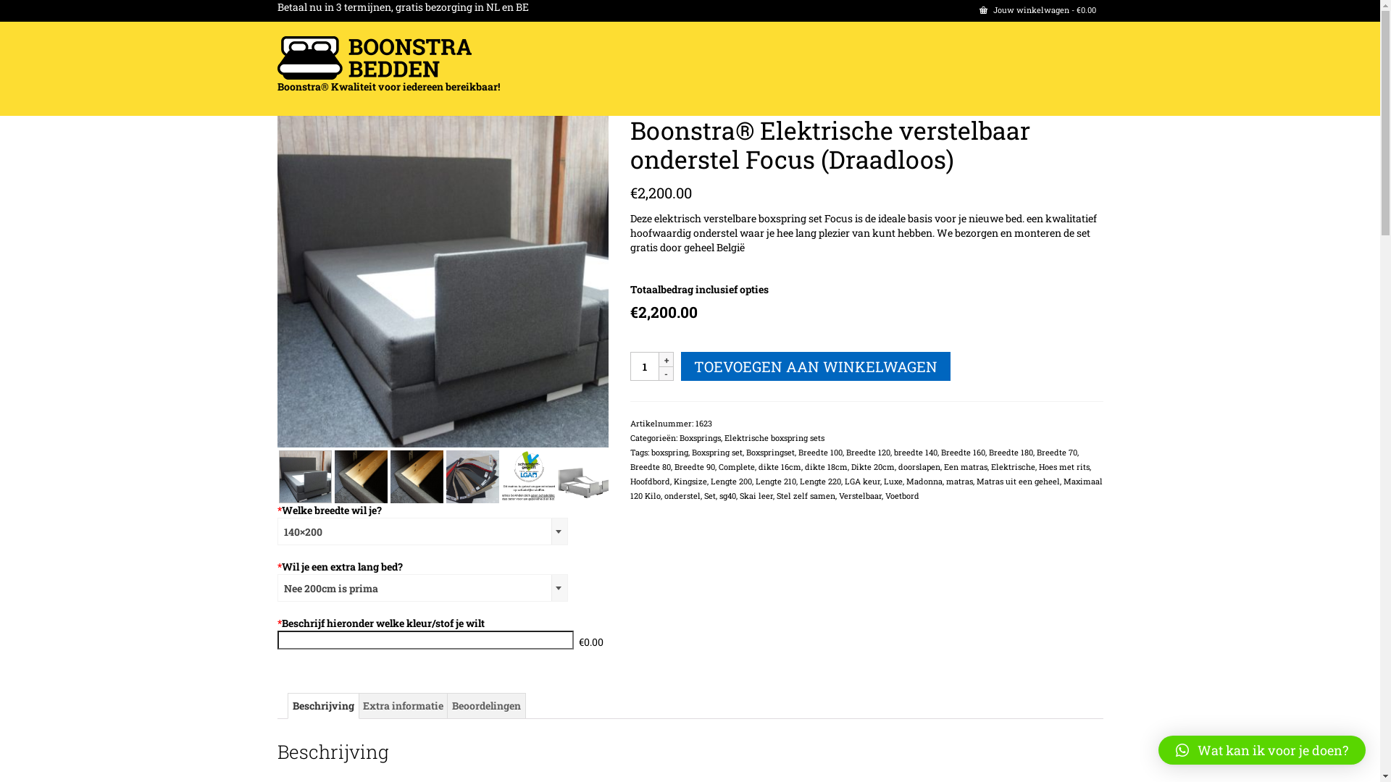 The width and height of the screenshot is (1391, 782). What do you see at coordinates (820, 481) in the screenshot?
I see `'Lengte 220'` at bounding box center [820, 481].